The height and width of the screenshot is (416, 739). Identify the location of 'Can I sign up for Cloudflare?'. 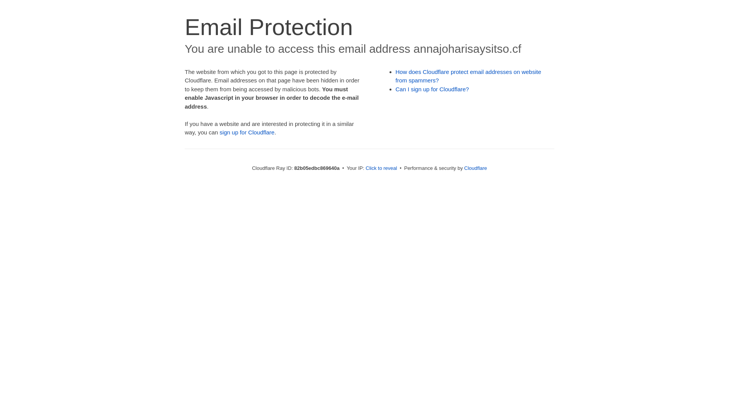
(432, 89).